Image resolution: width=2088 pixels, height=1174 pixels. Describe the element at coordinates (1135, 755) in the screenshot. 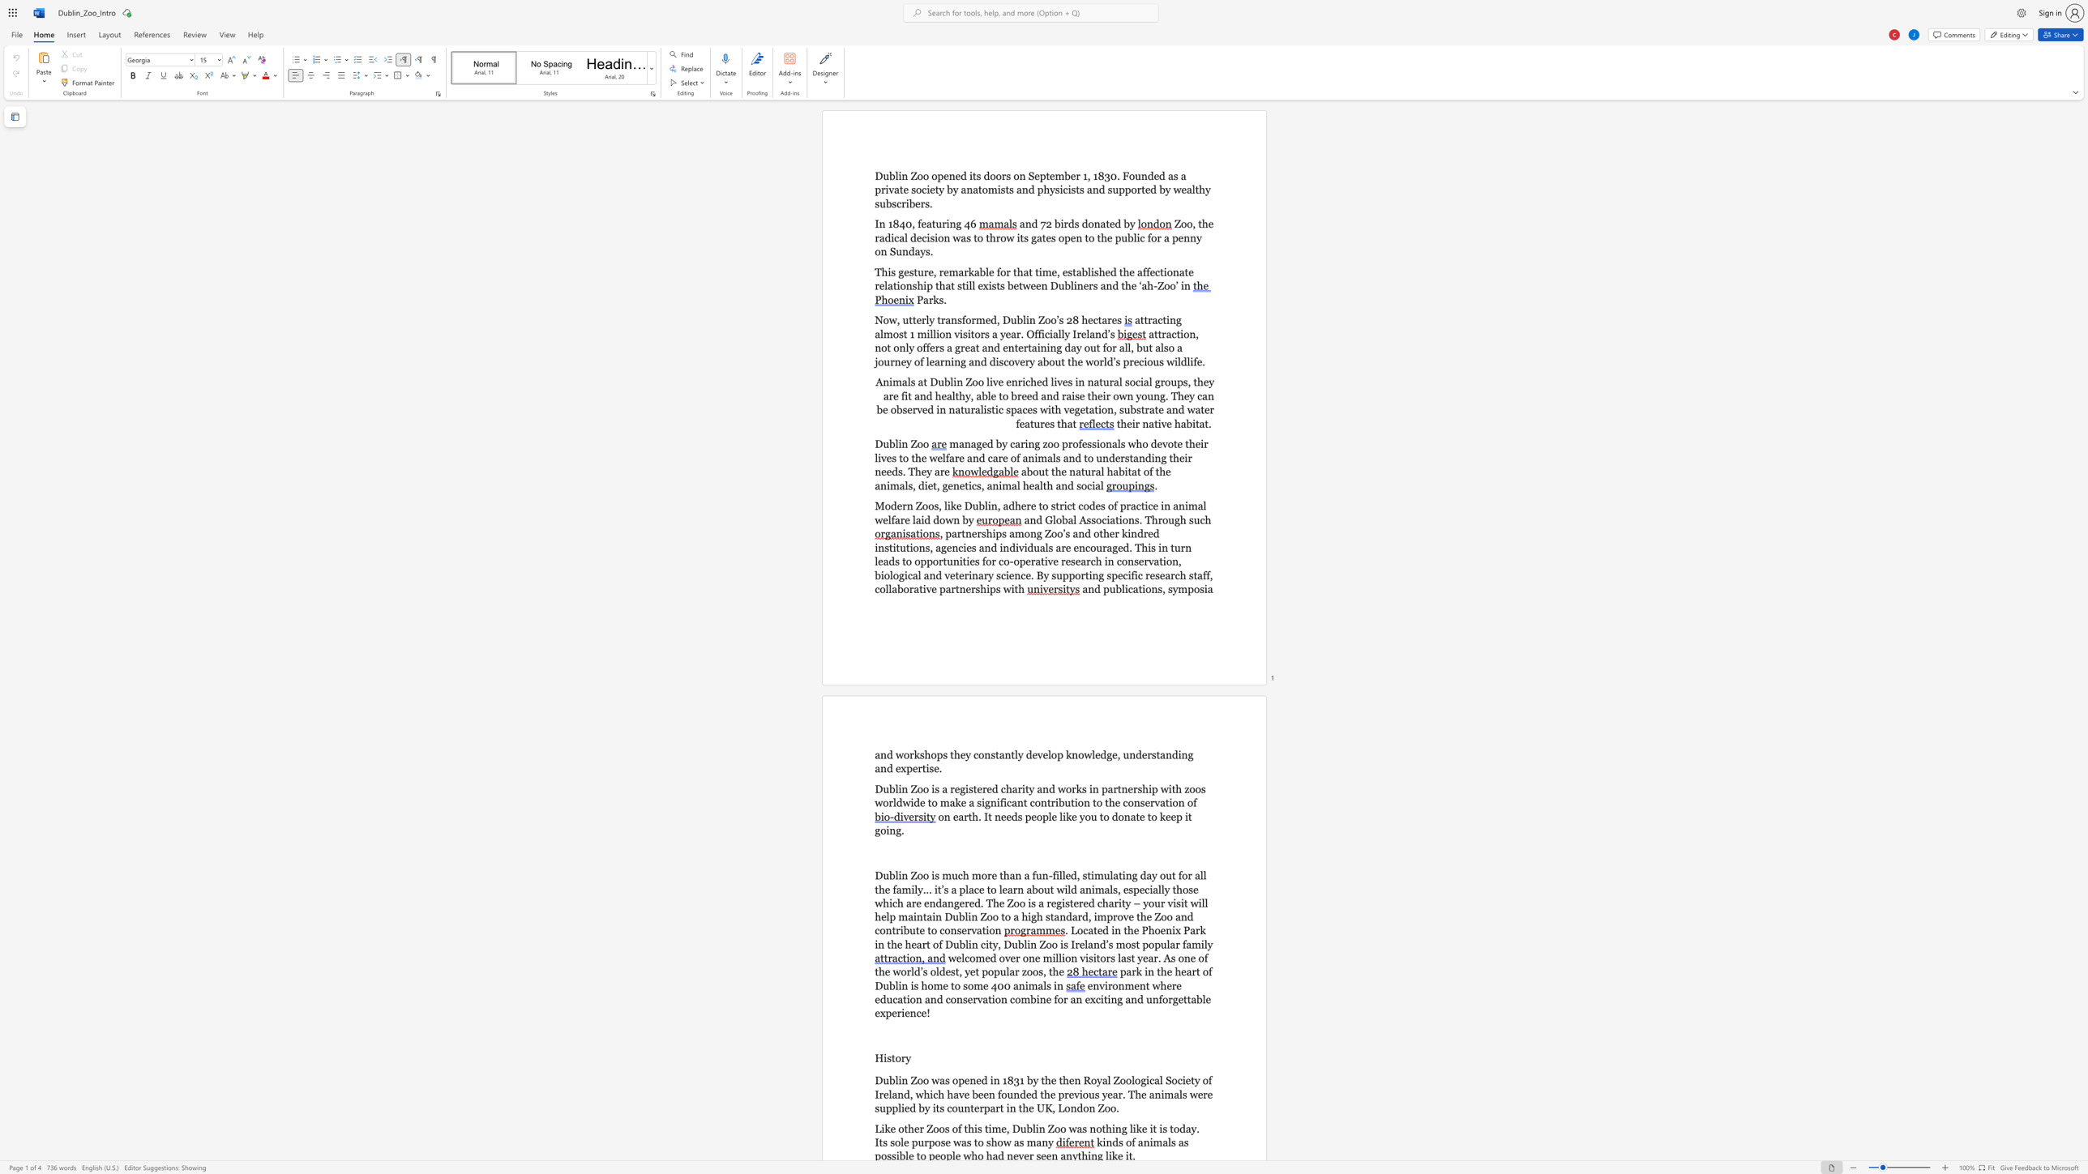

I see `the subset text "derst" within the text "p knowledge, understanding and"` at that location.